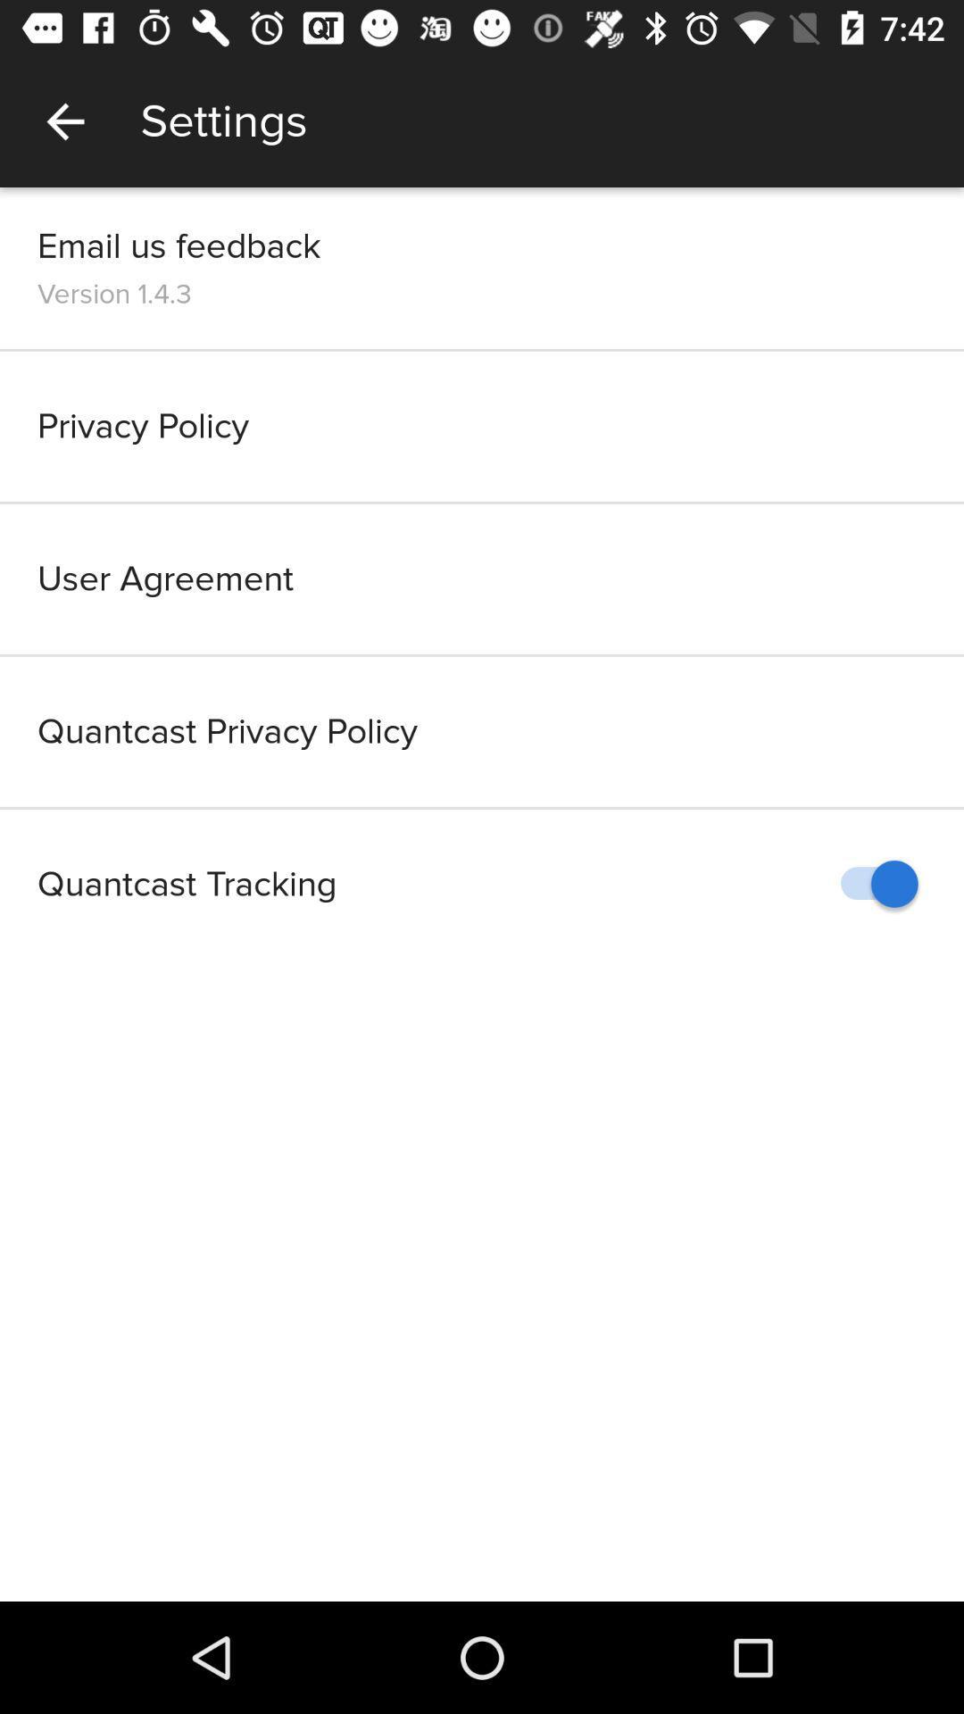 The image size is (964, 1714). I want to click on icon above the quantcast privacy policy icon, so click(482, 578).